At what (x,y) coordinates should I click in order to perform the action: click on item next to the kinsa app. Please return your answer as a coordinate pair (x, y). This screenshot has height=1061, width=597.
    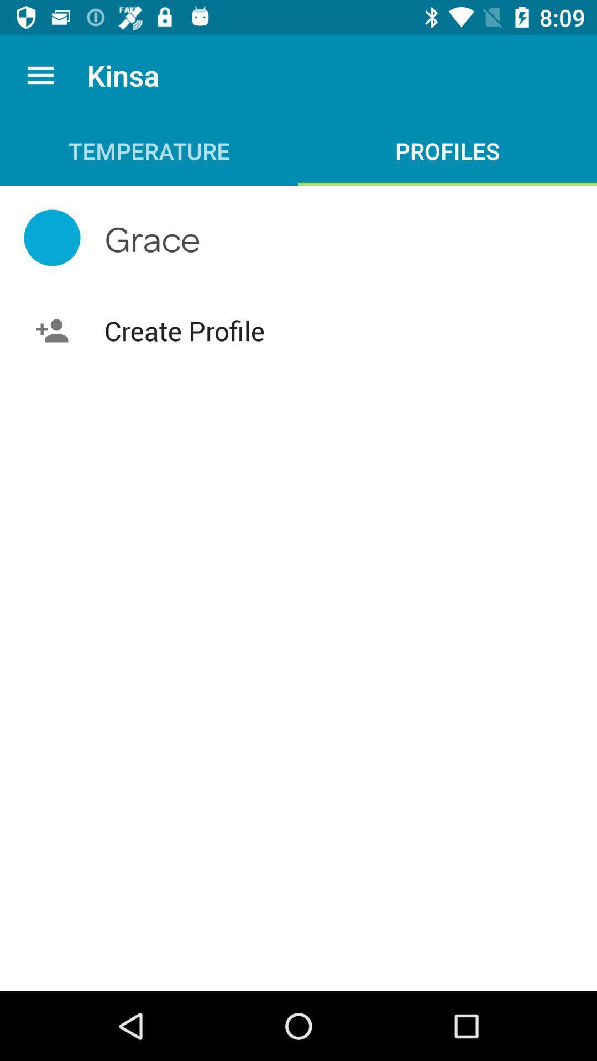
    Looking at the image, I should click on (40, 75).